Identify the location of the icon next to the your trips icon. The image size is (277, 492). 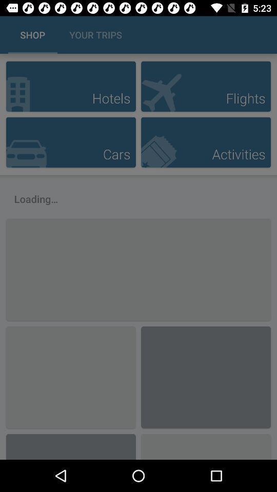
(258, 35).